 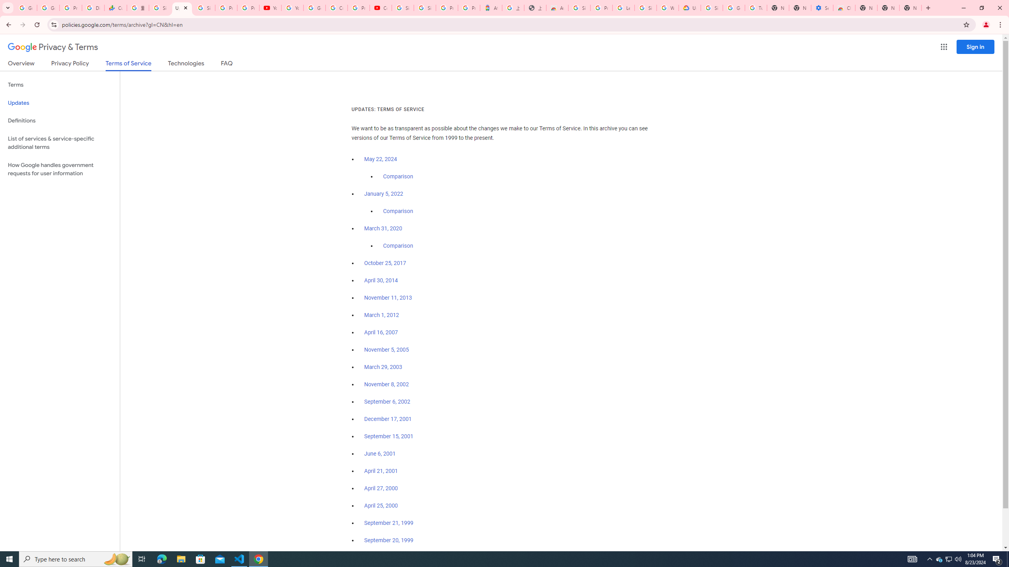 I want to click on 'November 8, 2002', so click(x=386, y=384).